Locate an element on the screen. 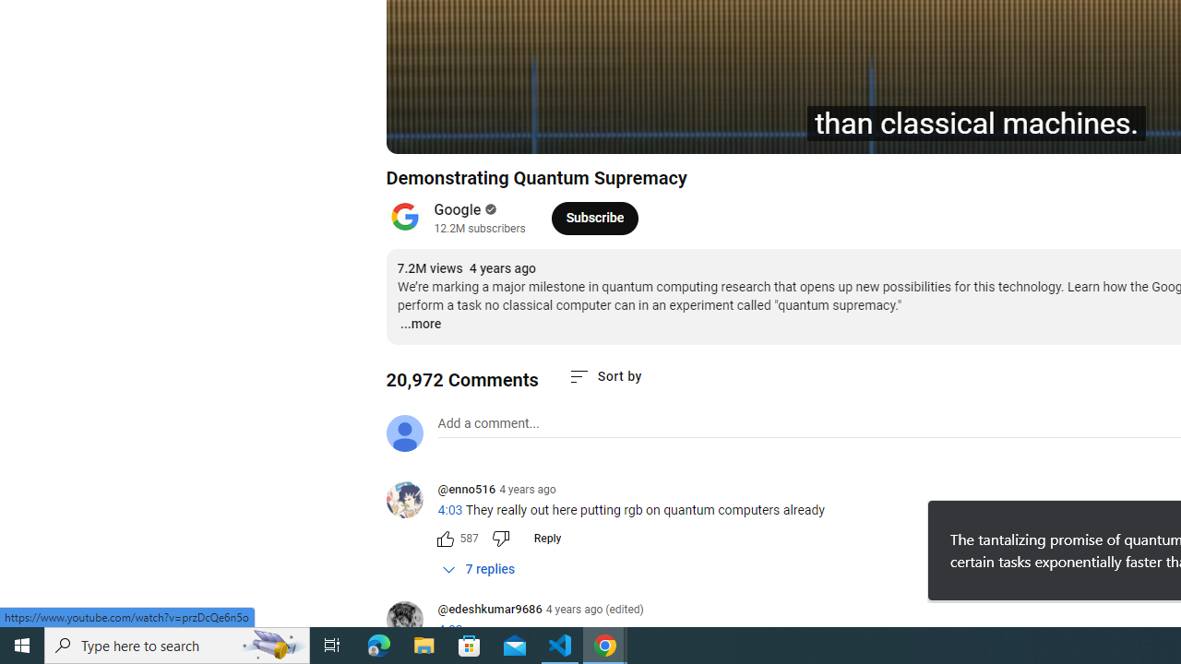 The height and width of the screenshot is (664, 1181). 'Default profile photo' is located at coordinates (404, 433).